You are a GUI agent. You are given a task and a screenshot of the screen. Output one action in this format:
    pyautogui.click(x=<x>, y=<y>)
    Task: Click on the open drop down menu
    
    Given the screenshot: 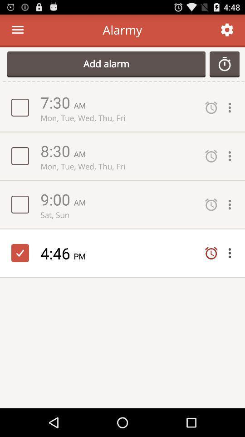 What is the action you would take?
    pyautogui.click(x=232, y=253)
    